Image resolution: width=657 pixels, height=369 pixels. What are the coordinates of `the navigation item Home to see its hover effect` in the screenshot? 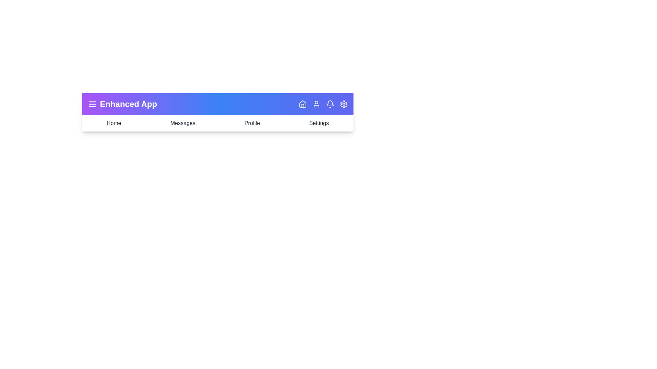 It's located at (114, 123).